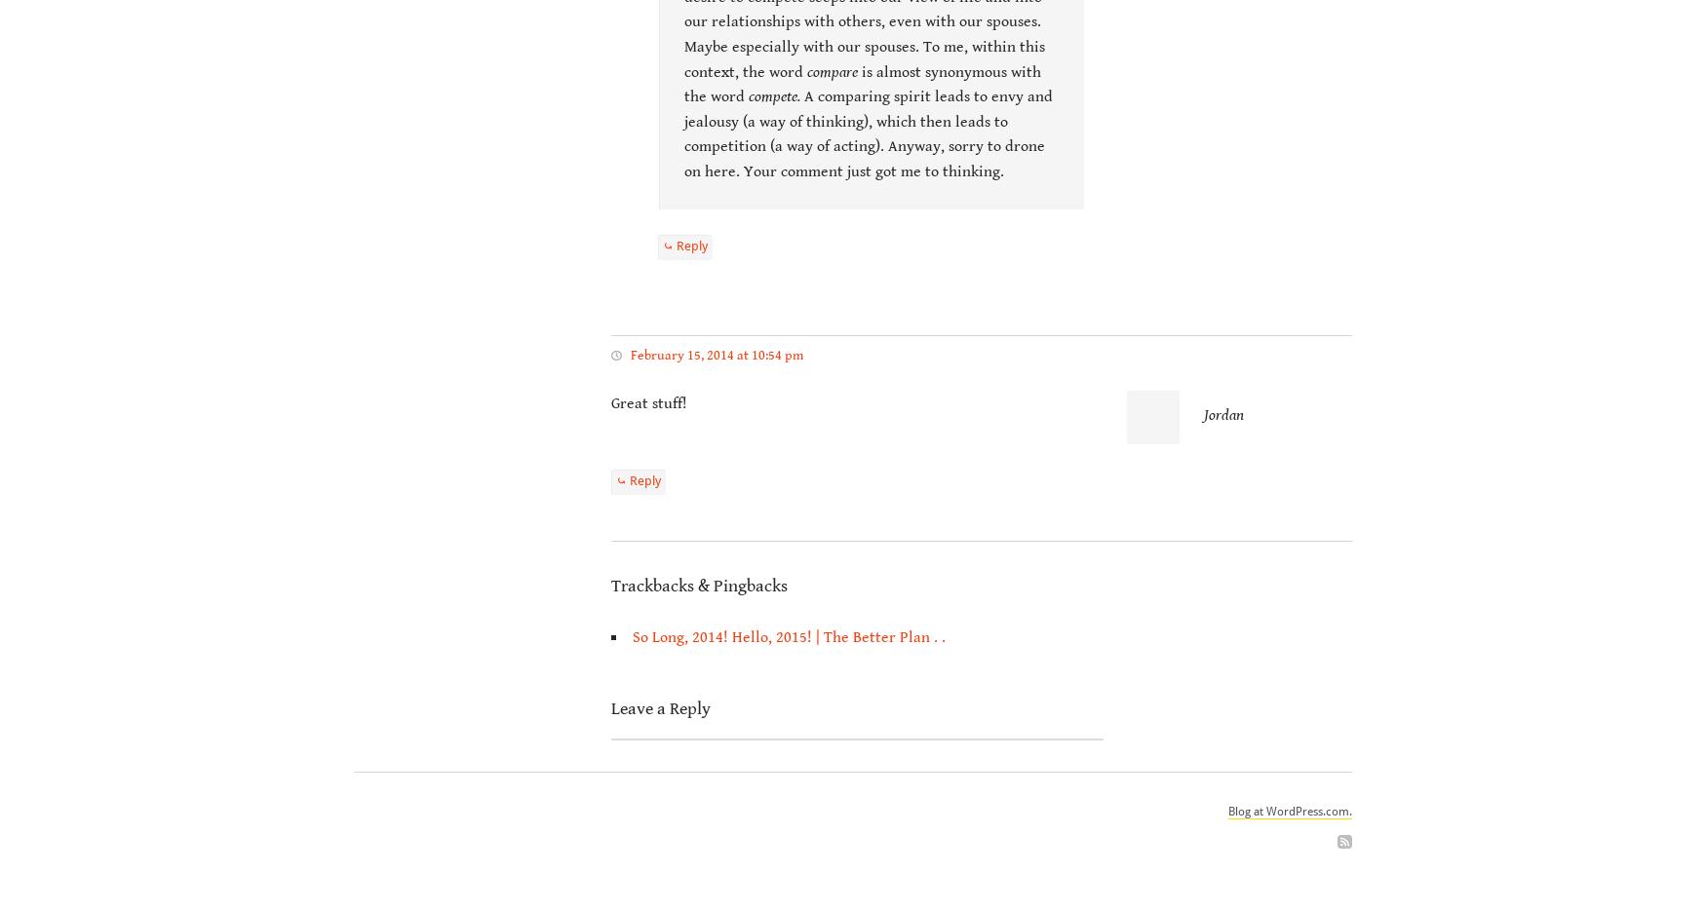 This screenshot has width=1706, height=910. What do you see at coordinates (788, 636) in the screenshot?
I see `'So Long, 2014! Hello, 2015! | The Better Plan . .'` at bounding box center [788, 636].